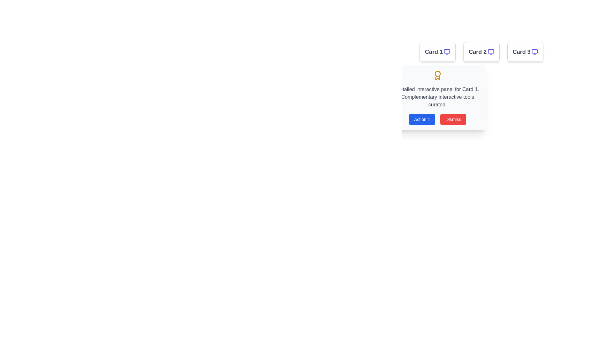 The image size is (613, 344). I want to click on the indigo monitor-like icon located to the right of the 'Card 2' text in the header area, so click(490, 51).